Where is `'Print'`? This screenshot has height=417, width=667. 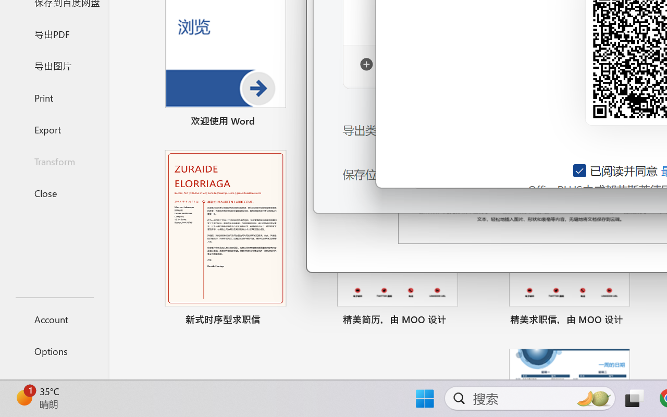
'Print' is located at coordinates (54, 97).